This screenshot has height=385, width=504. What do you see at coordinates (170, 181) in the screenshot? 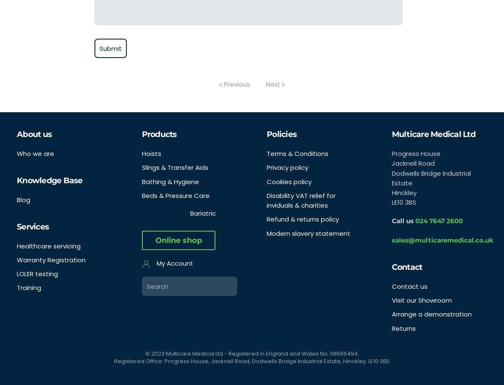
I see `'Bathing & Hygiene'` at bounding box center [170, 181].